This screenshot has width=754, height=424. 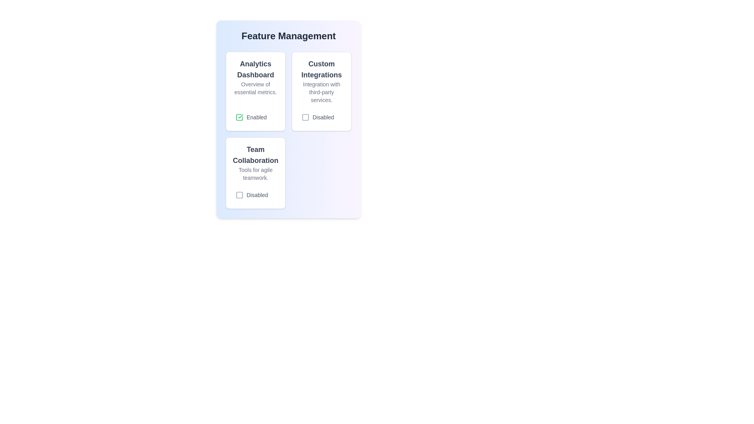 What do you see at coordinates (239, 117) in the screenshot?
I see `the green check icon located in the 'Enabled' checkbox within the 'Analytics Dashboard' section to interact with it` at bounding box center [239, 117].